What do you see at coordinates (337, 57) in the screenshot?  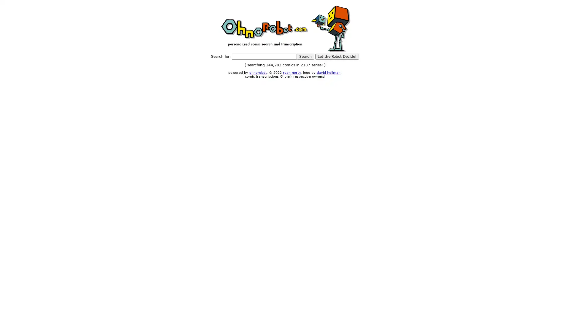 I see `Let the Robot Decide!` at bounding box center [337, 57].